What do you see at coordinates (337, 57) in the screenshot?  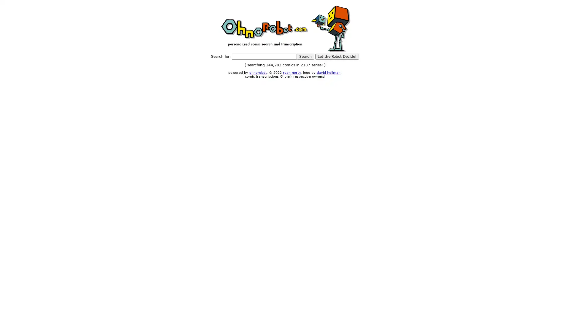 I see `Let the Robot Decide!` at bounding box center [337, 57].